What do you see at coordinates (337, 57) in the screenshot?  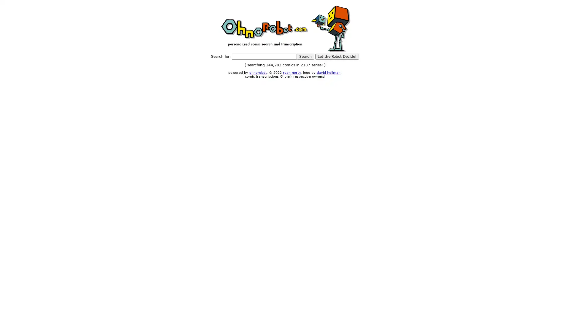 I see `Let the Robot Decide!` at bounding box center [337, 57].